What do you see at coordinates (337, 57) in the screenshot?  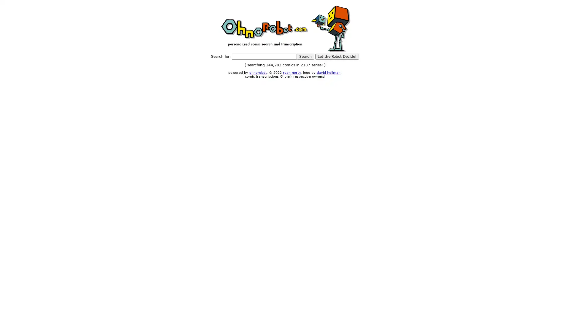 I see `Let the Robot Decide!` at bounding box center [337, 57].